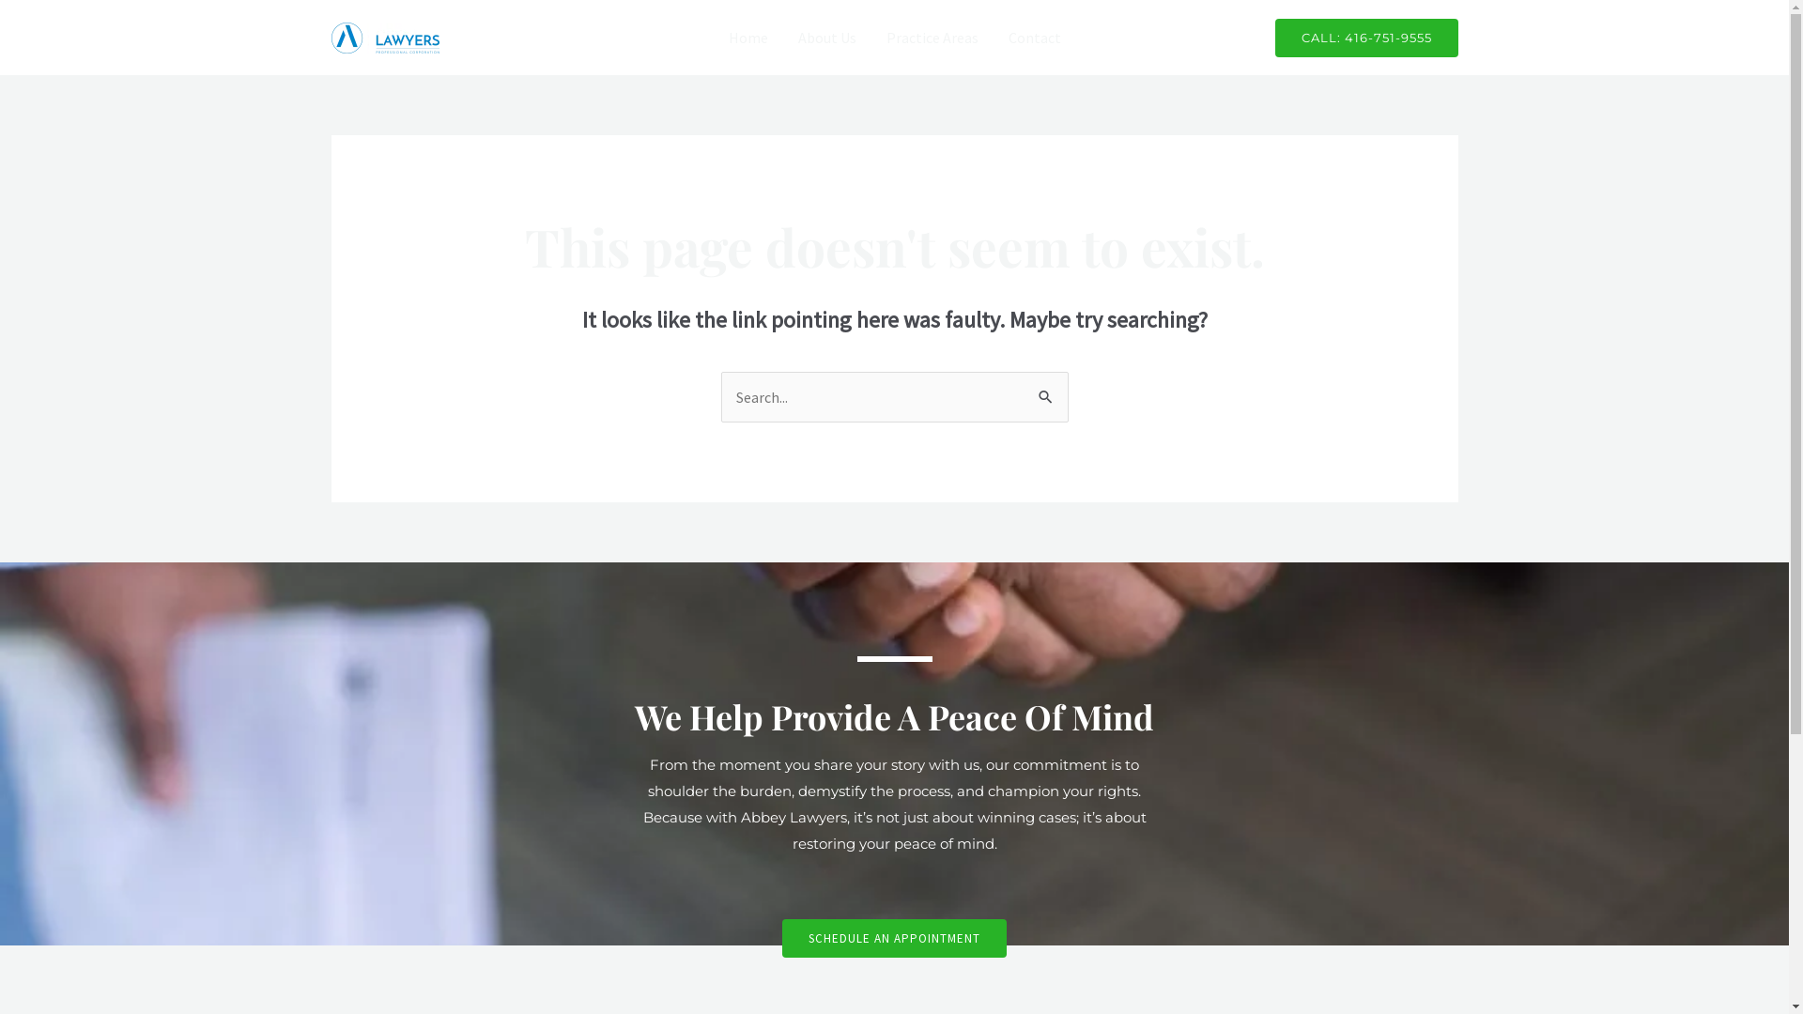 This screenshot has width=1803, height=1014. What do you see at coordinates (1024, 389) in the screenshot?
I see `'Search'` at bounding box center [1024, 389].